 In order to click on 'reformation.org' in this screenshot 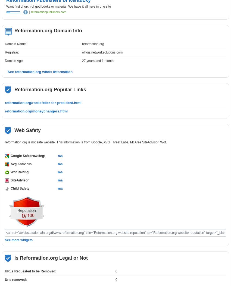, I will do `click(82, 43)`.